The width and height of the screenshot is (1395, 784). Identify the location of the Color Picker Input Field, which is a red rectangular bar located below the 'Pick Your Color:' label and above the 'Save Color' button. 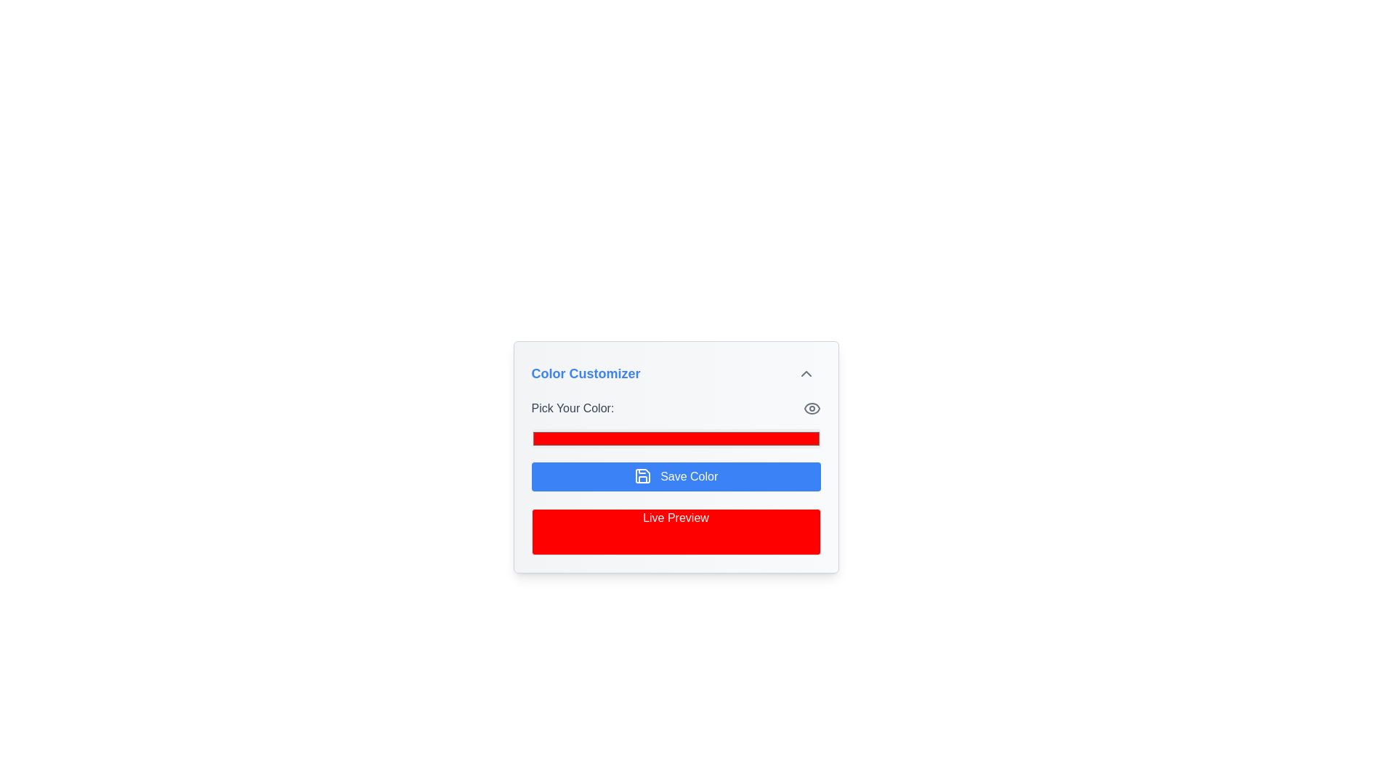
(675, 438).